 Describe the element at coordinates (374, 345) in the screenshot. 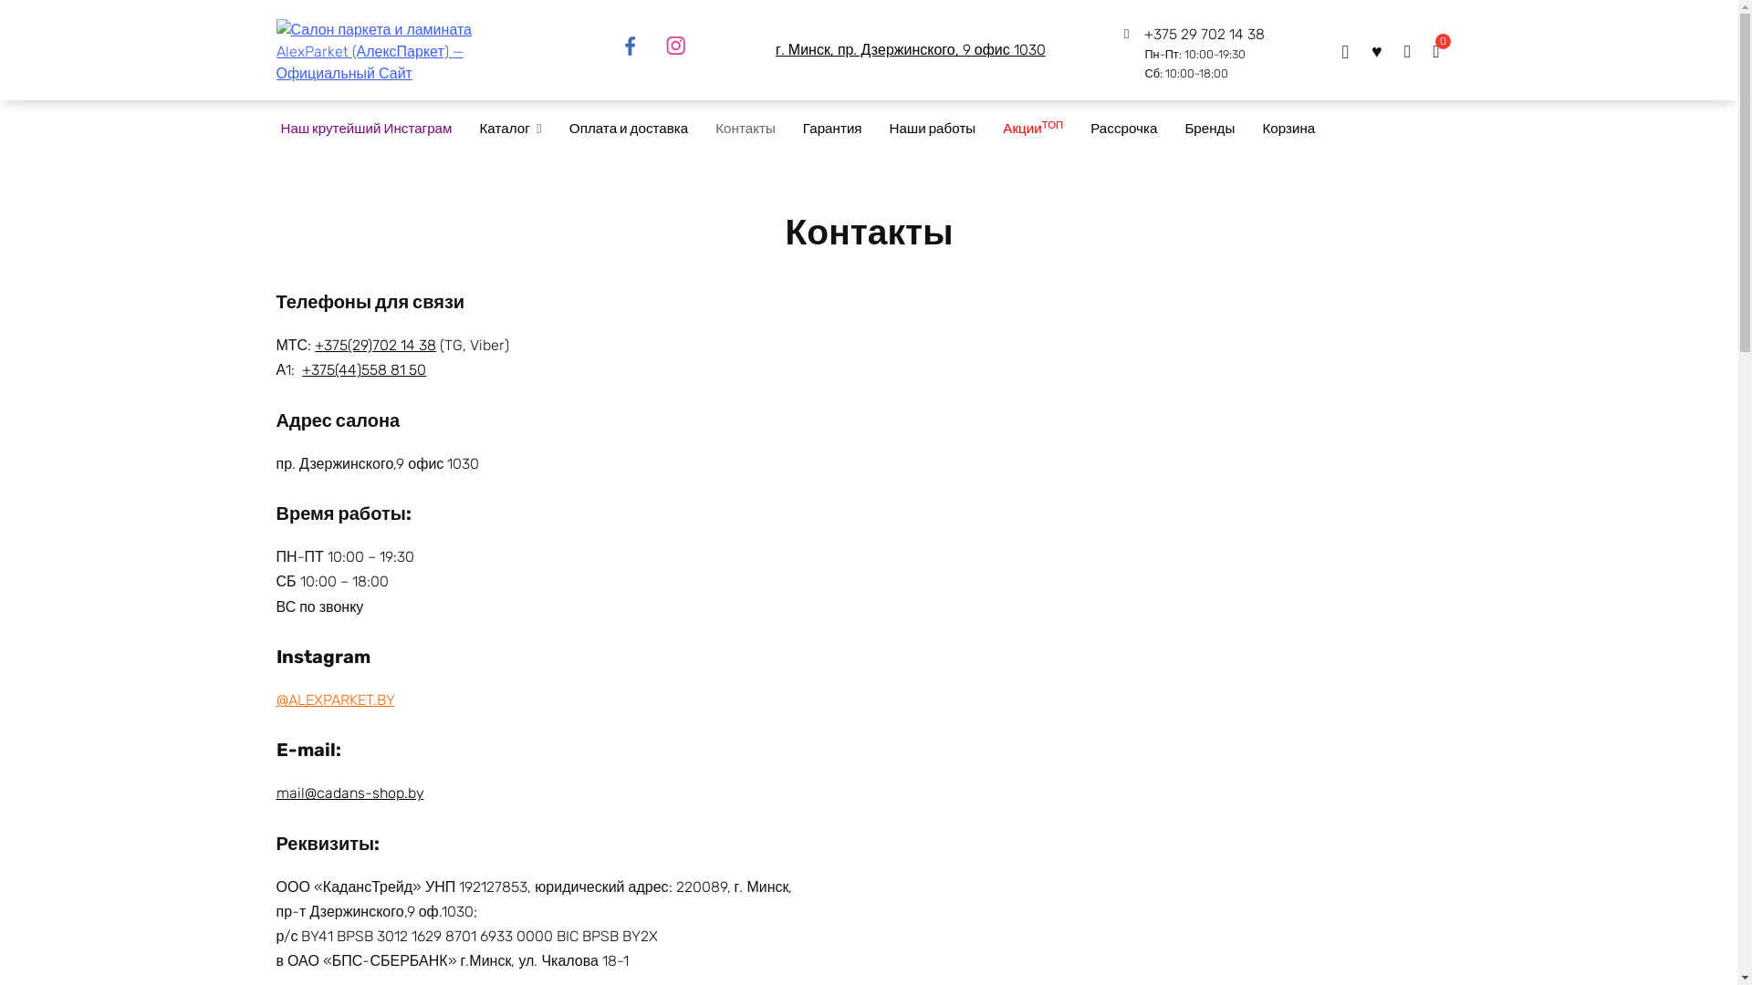

I see `'+375(29)702 14 38'` at that location.